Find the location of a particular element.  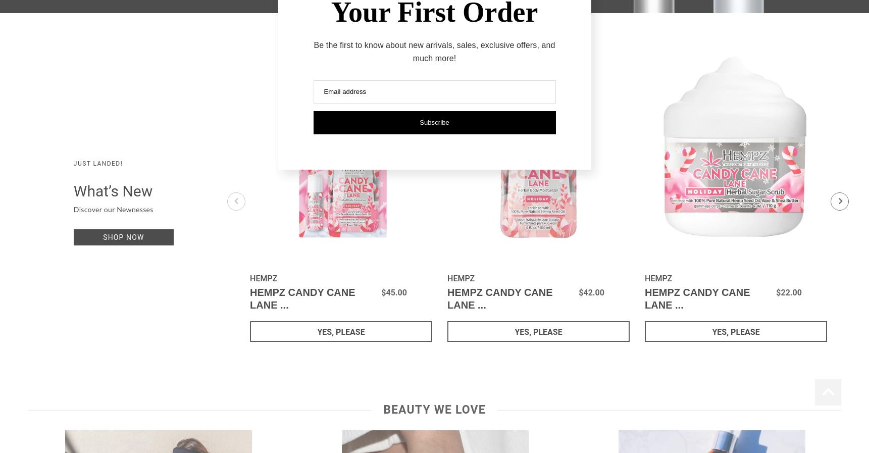

'TRI' is located at coordinates (606, 23).